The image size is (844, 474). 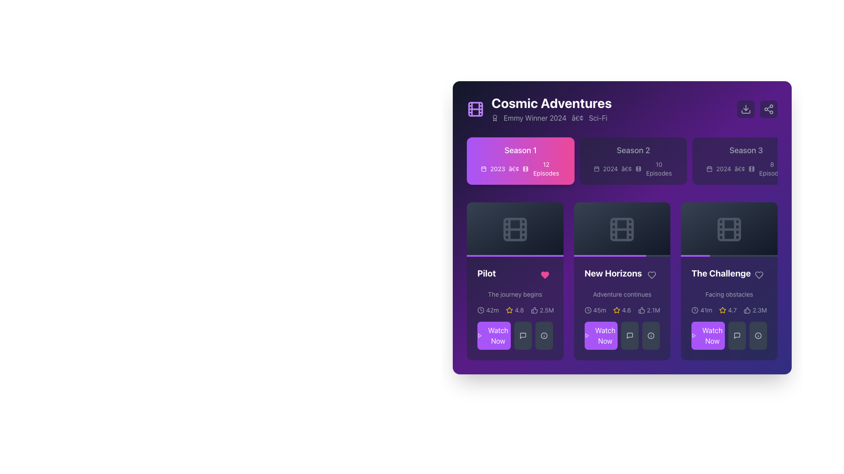 I want to click on the Text label displaying the number of episodes available in Season 1, located to the right of the '2023' text and icon, so click(x=546, y=169).